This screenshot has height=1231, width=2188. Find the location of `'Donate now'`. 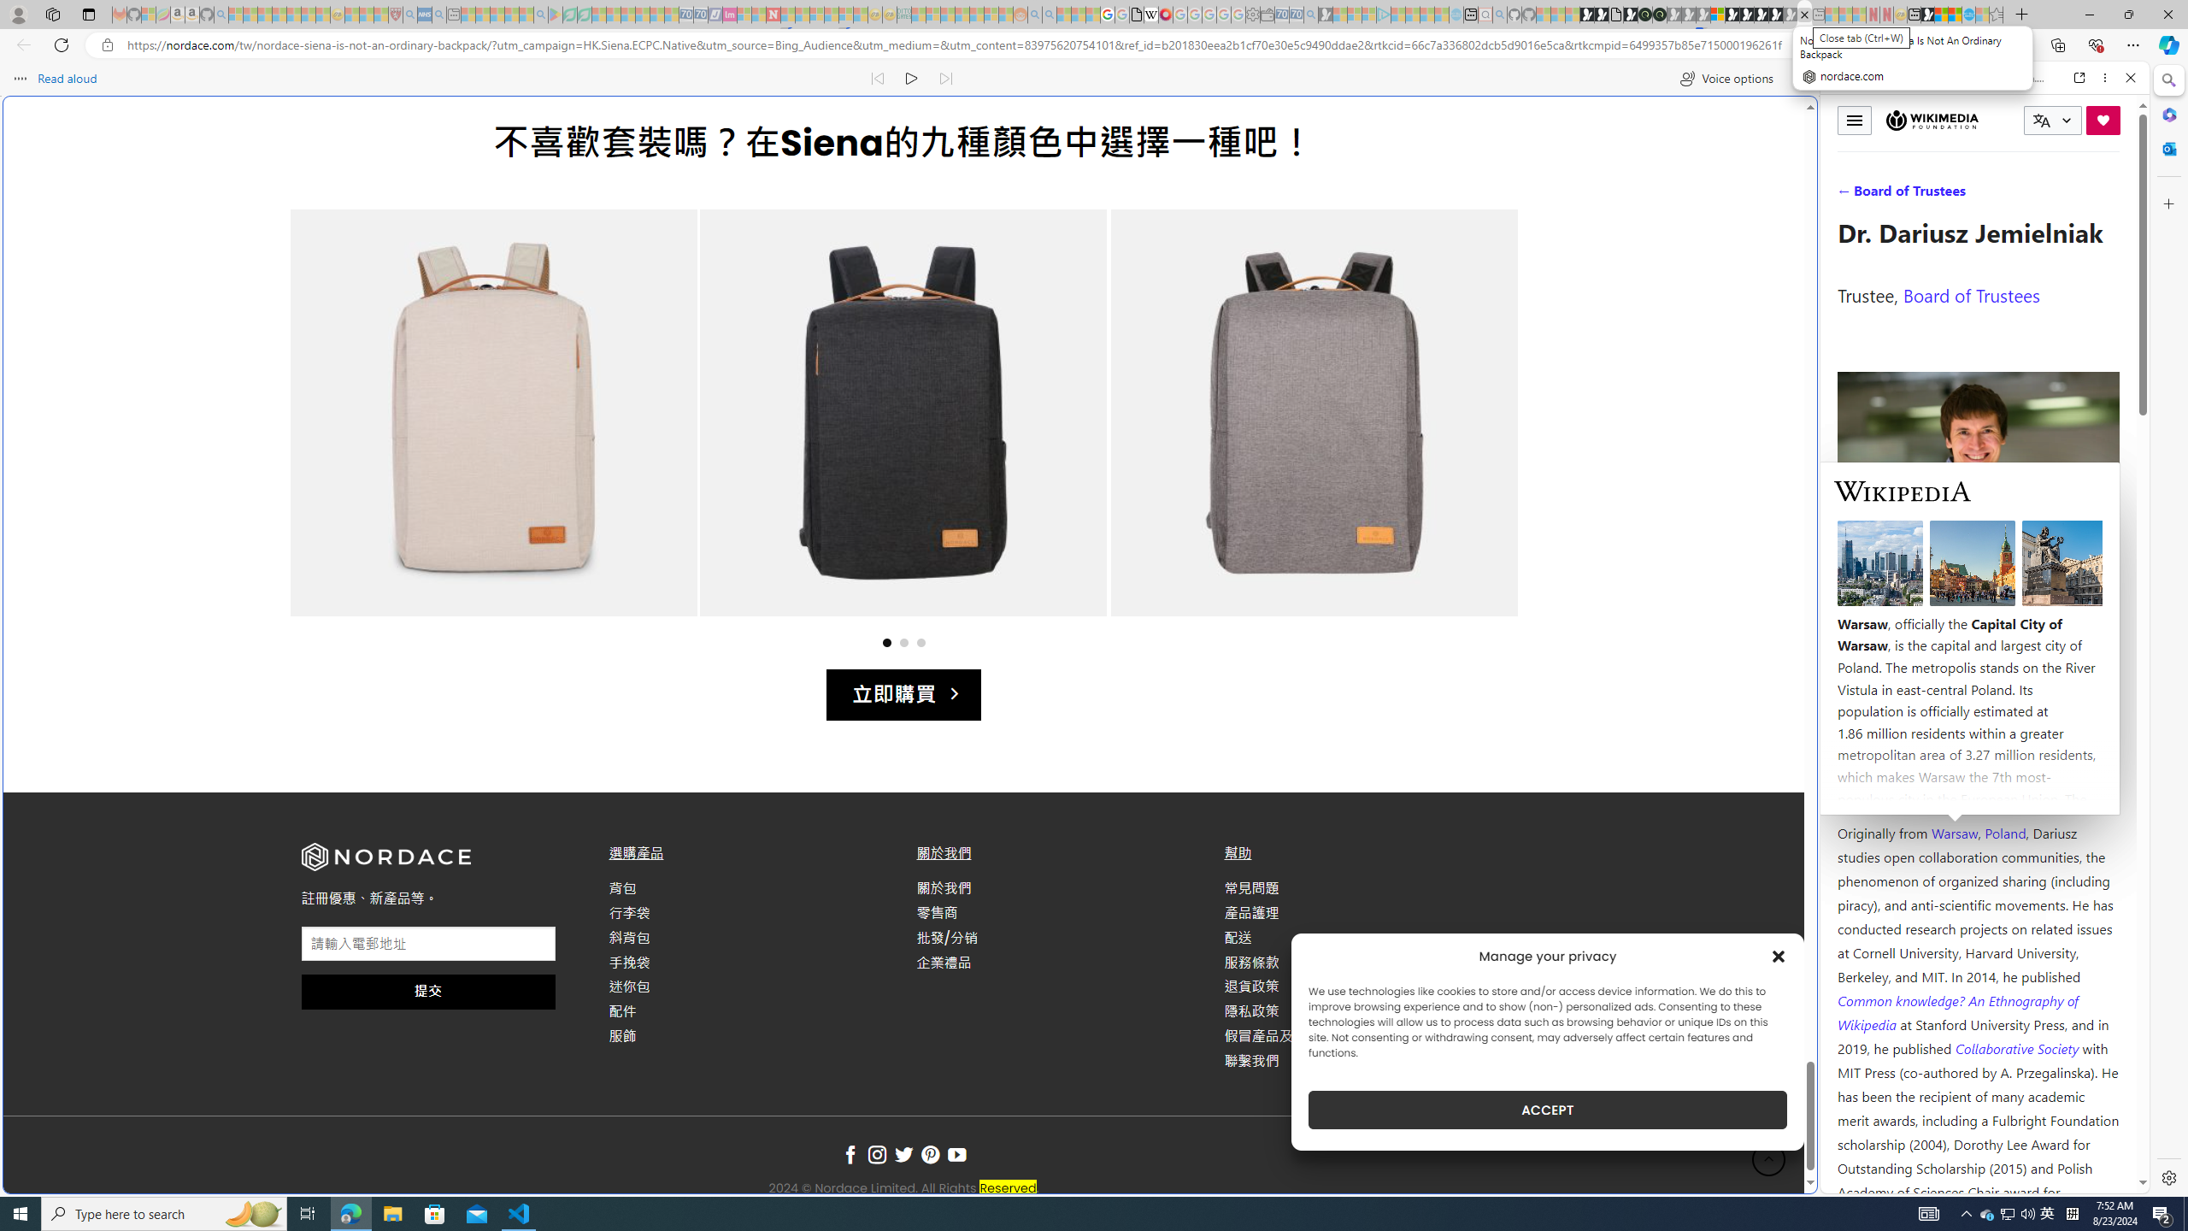

'Donate now' is located at coordinates (2103, 121).